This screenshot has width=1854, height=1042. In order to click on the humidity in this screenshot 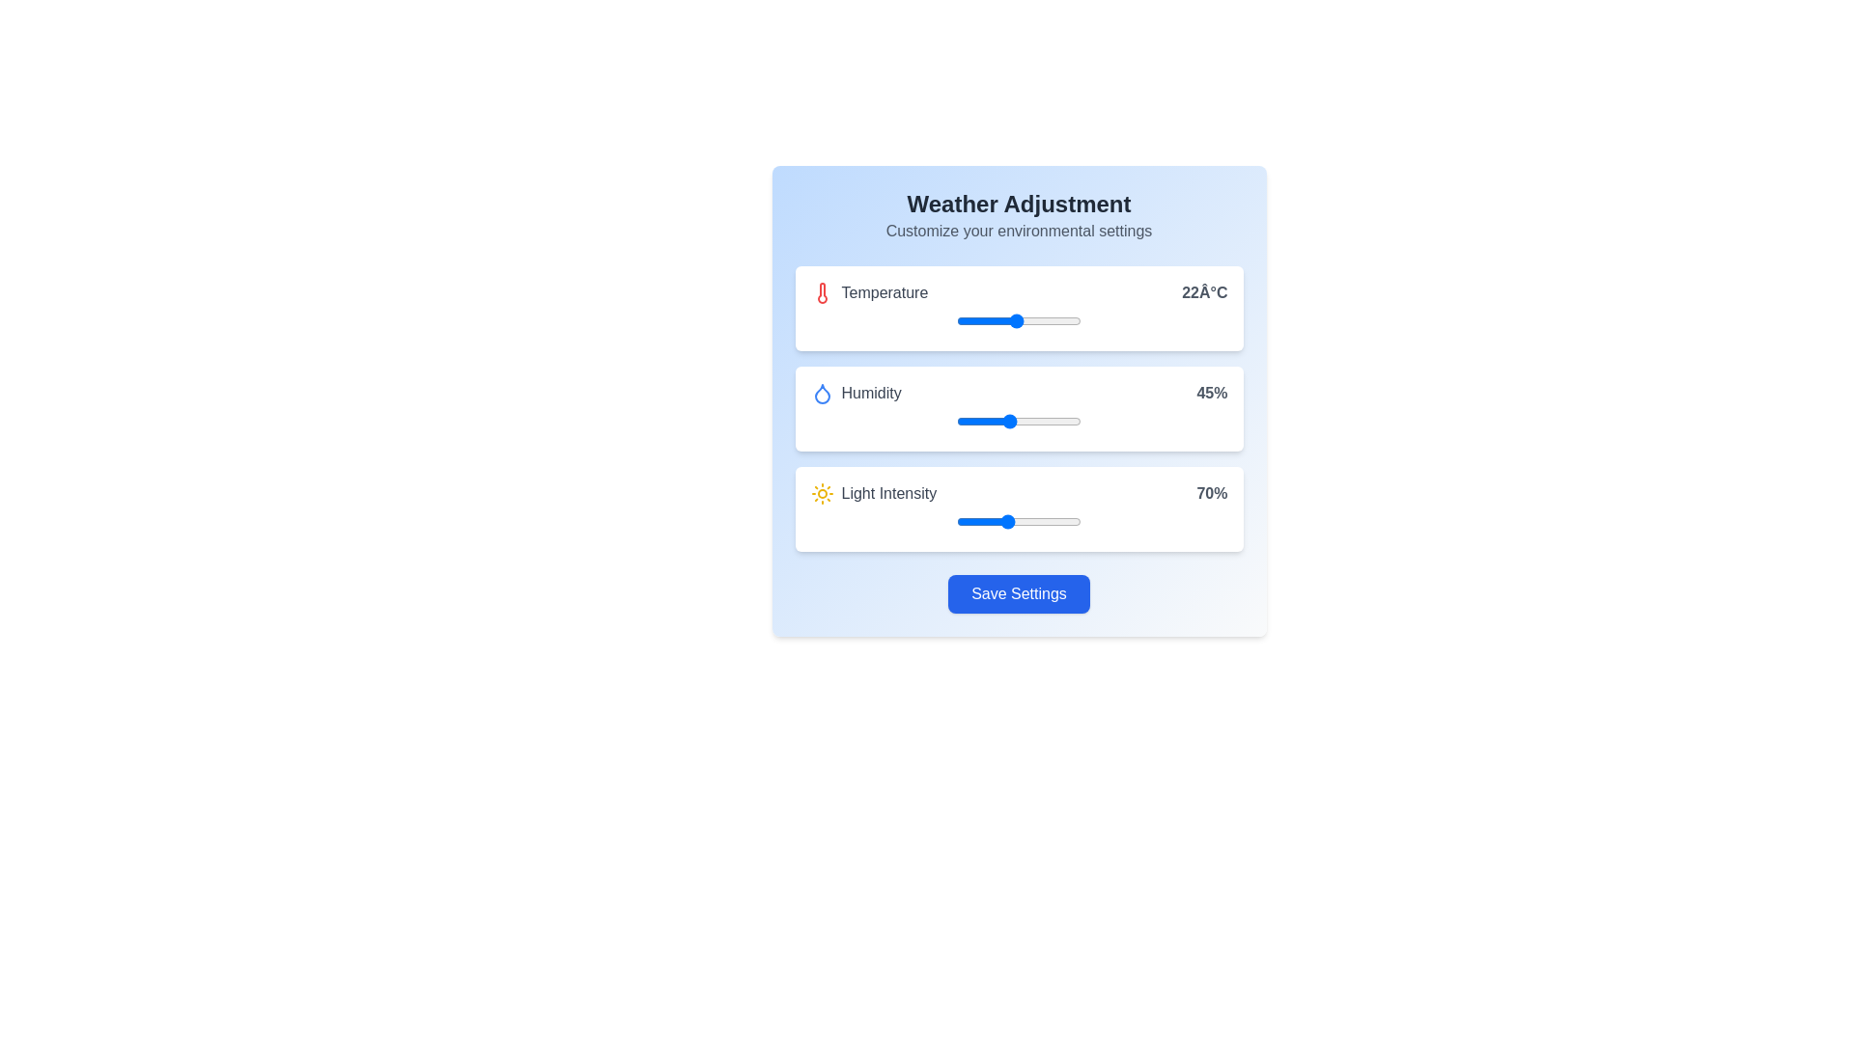, I will do `click(1012, 420)`.